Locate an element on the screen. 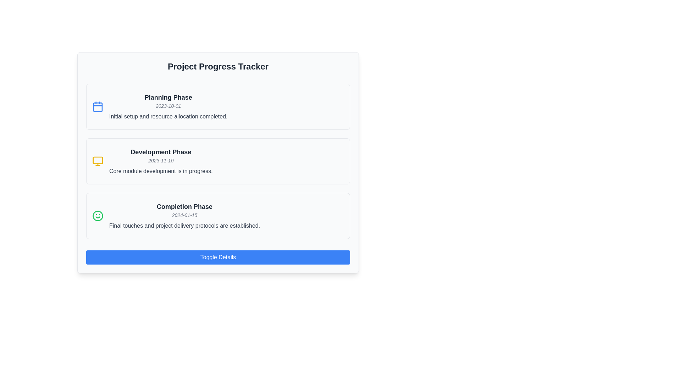 This screenshot has width=681, height=383. the static text element that reads 'Final touches and project delivery protocols are established.' located in the 'Completion Phase' section of the progression tracker is located at coordinates (184, 226).